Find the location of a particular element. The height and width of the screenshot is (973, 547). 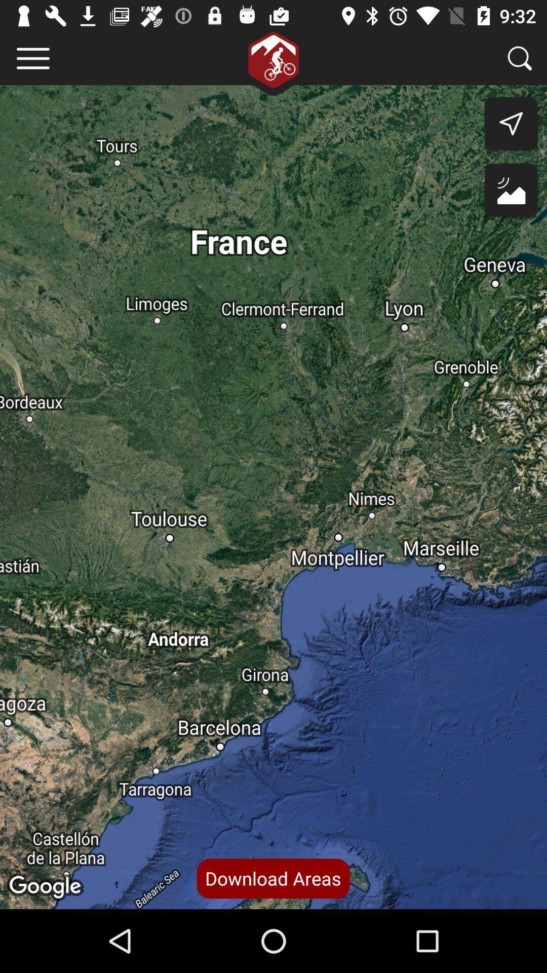

open menu options is located at coordinates (32, 58).